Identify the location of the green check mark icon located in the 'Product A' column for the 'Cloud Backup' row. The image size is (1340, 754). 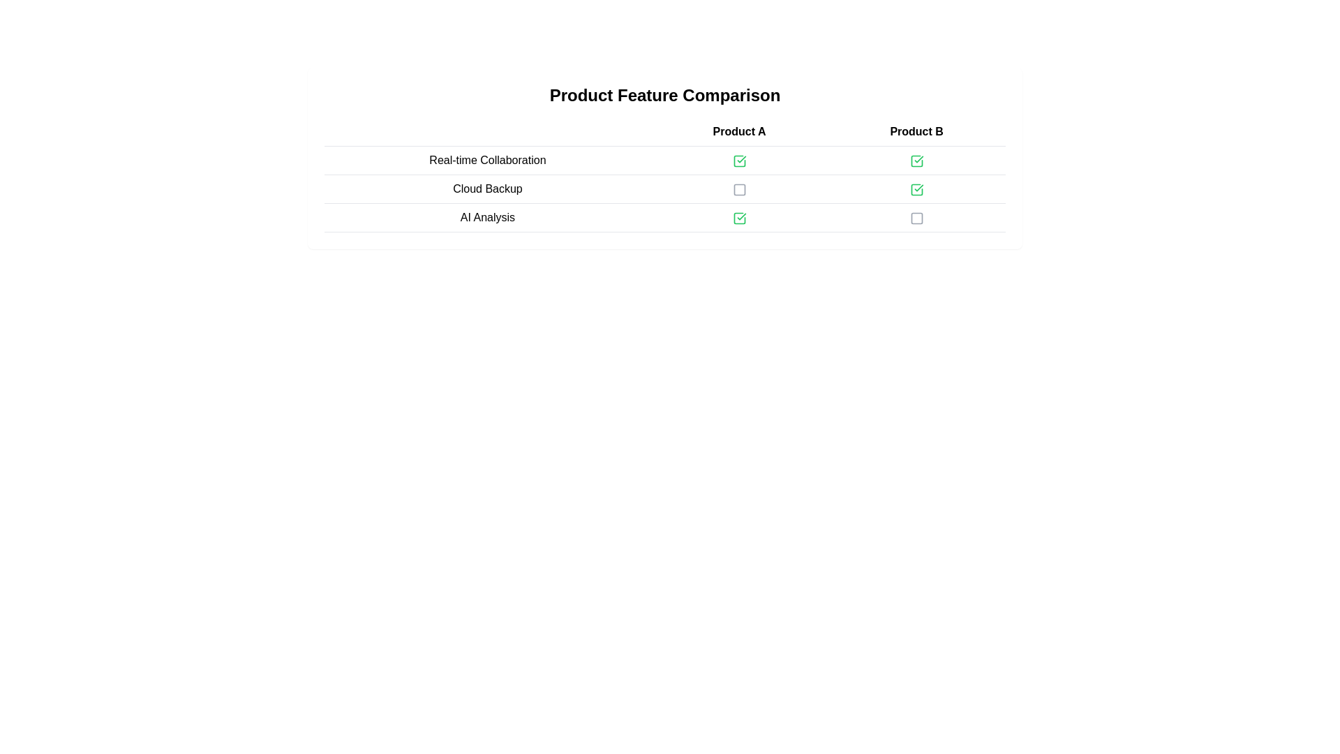
(916, 189).